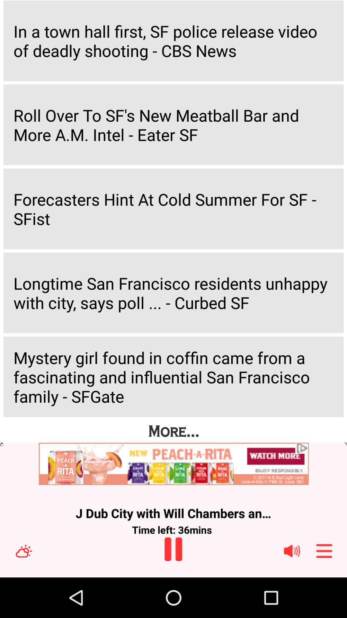 The image size is (347, 618). Describe the element at coordinates (173, 464) in the screenshot. I see `tap advertisement` at that location.